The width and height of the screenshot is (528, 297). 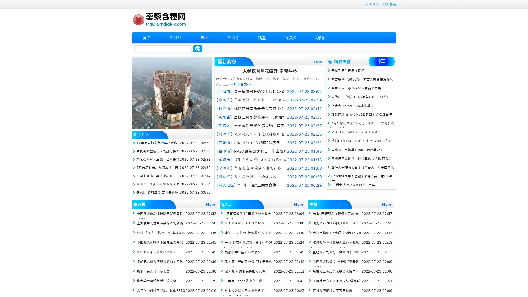 What do you see at coordinates (197, 48) in the screenshot?
I see `Search` at bounding box center [197, 48].